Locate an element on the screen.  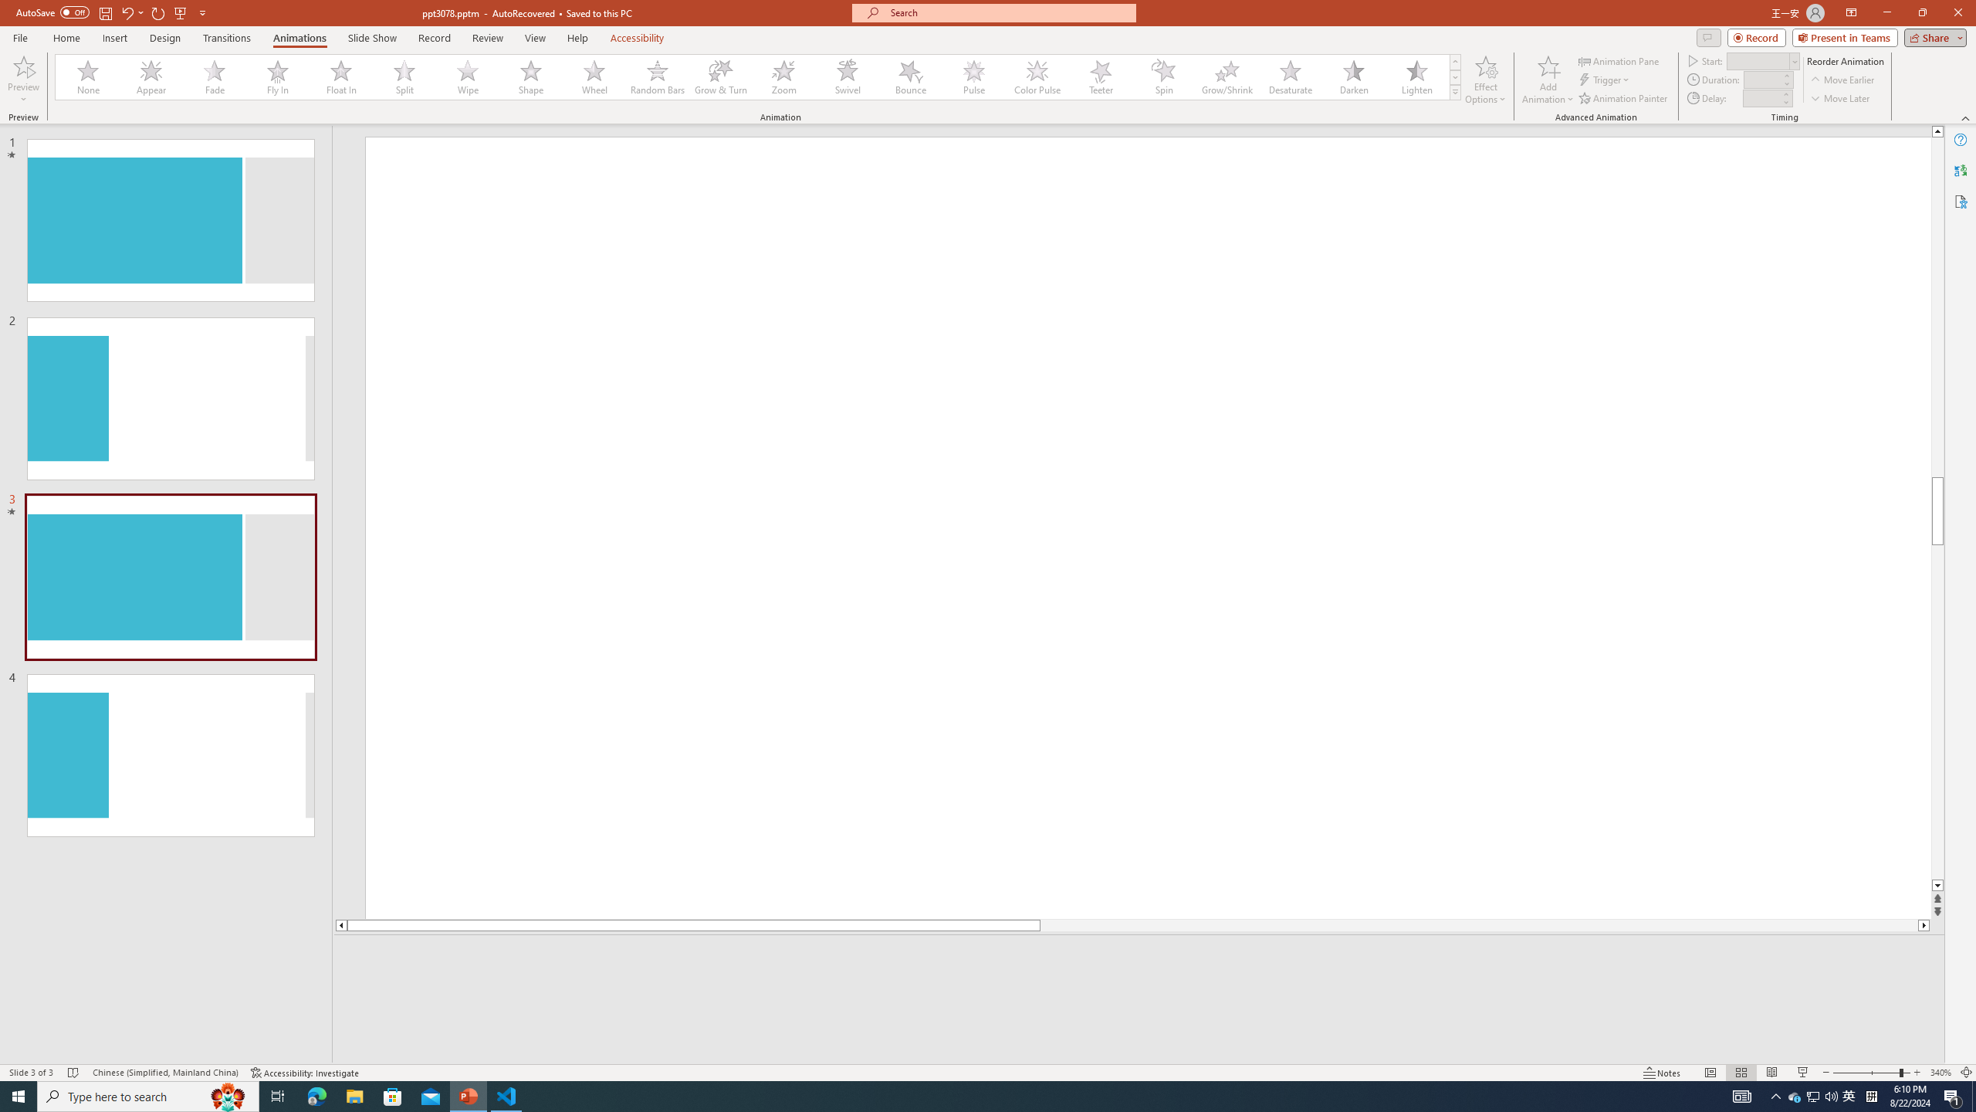
'Lighten' is located at coordinates (1416, 76).